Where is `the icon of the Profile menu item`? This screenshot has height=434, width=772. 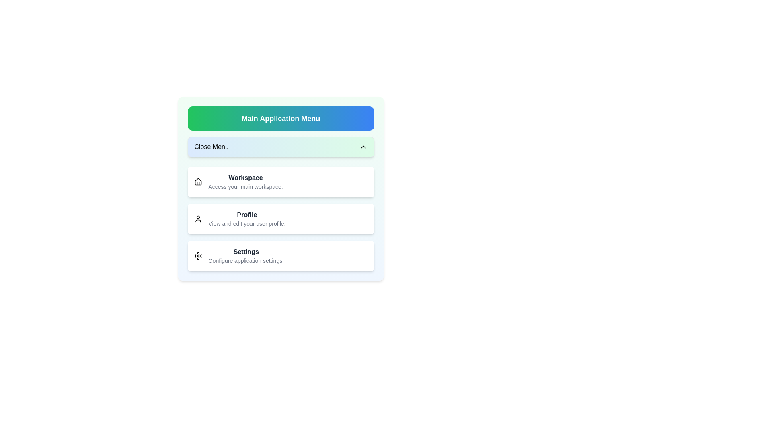
the icon of the Profile menu item is located at coordinates (198, 219).